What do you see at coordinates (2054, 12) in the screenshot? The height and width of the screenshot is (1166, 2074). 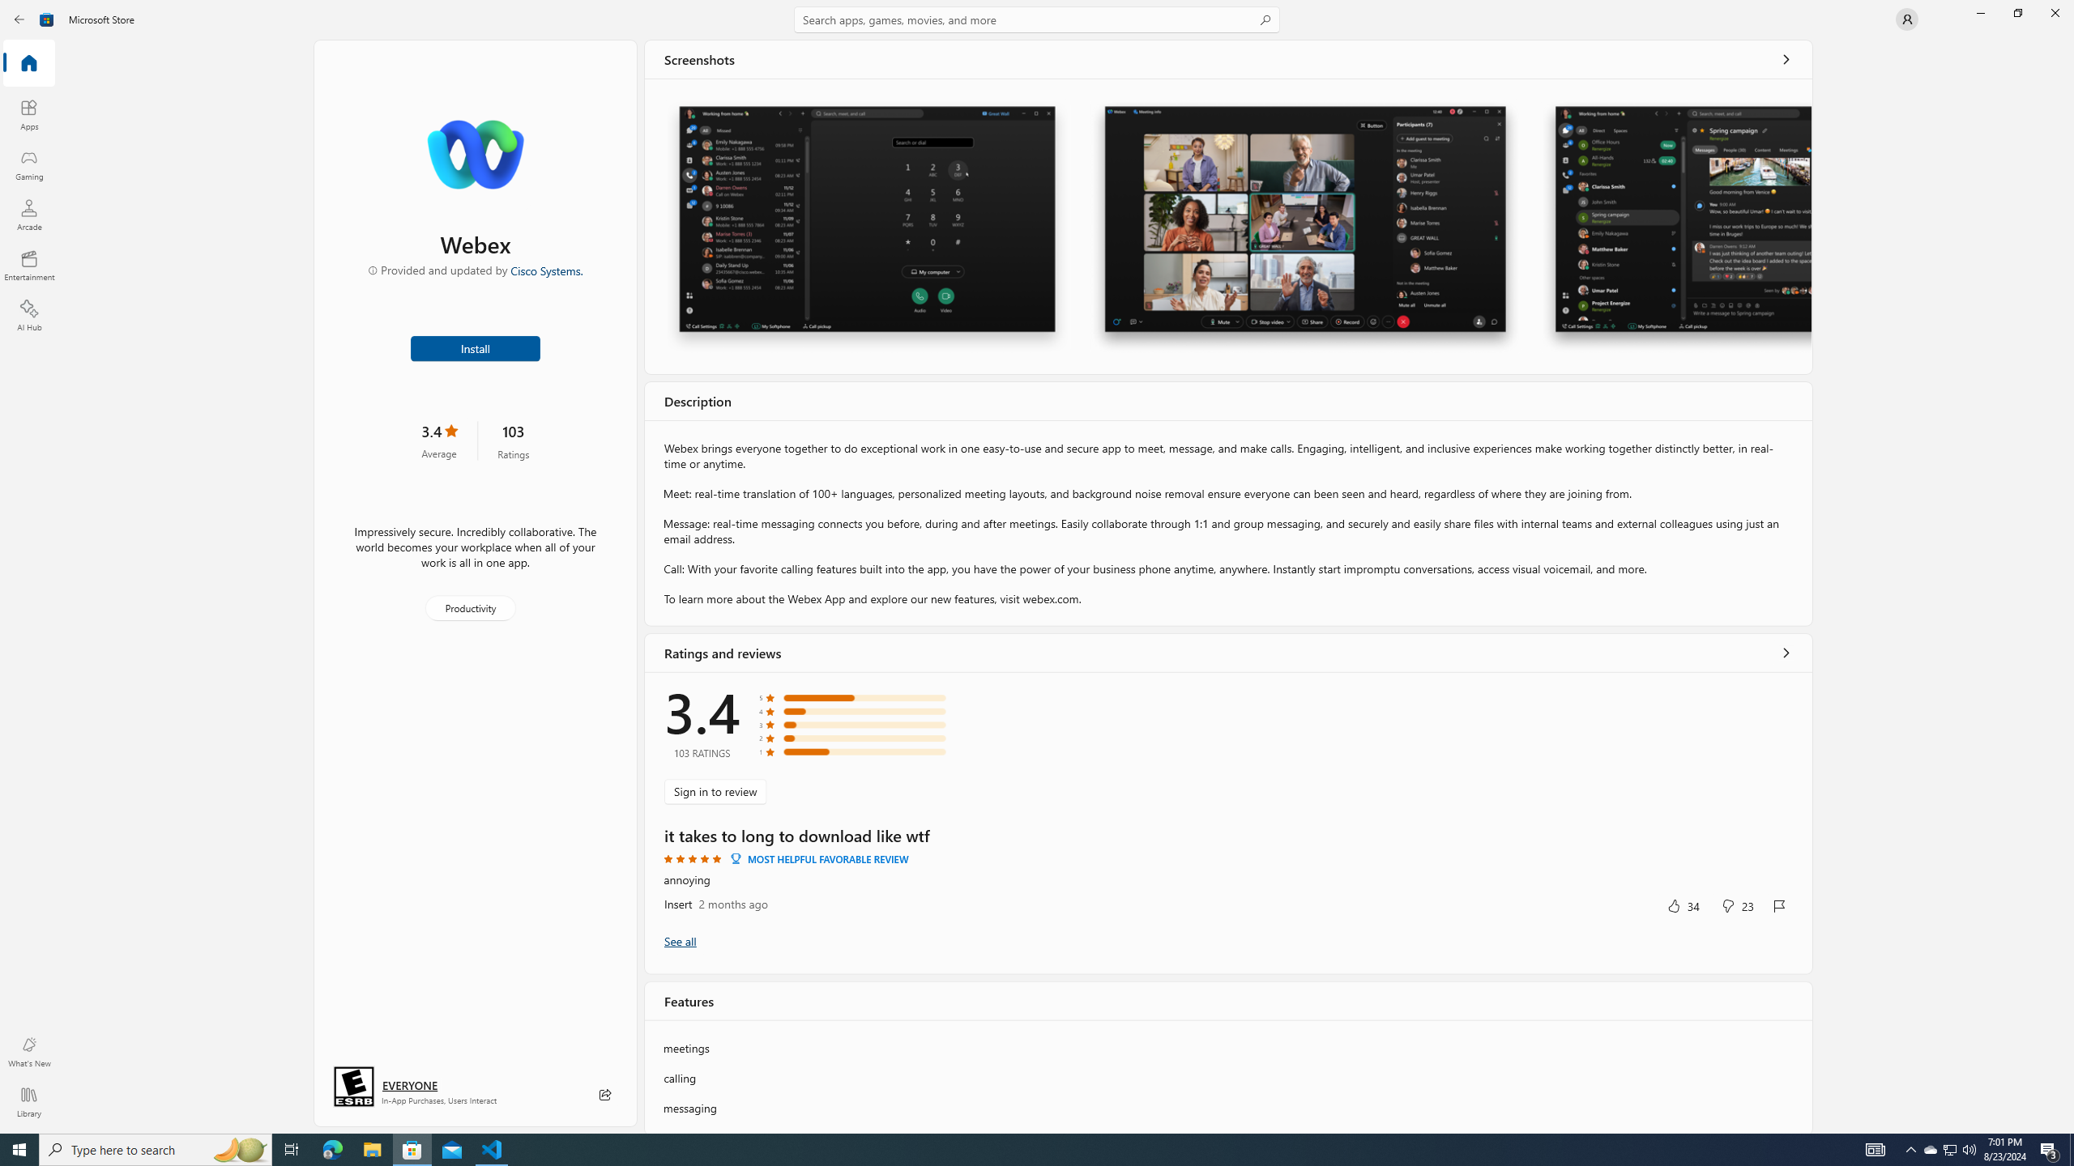 I see `'Close Microsoft Store'` at bounding box center [2054, 12].